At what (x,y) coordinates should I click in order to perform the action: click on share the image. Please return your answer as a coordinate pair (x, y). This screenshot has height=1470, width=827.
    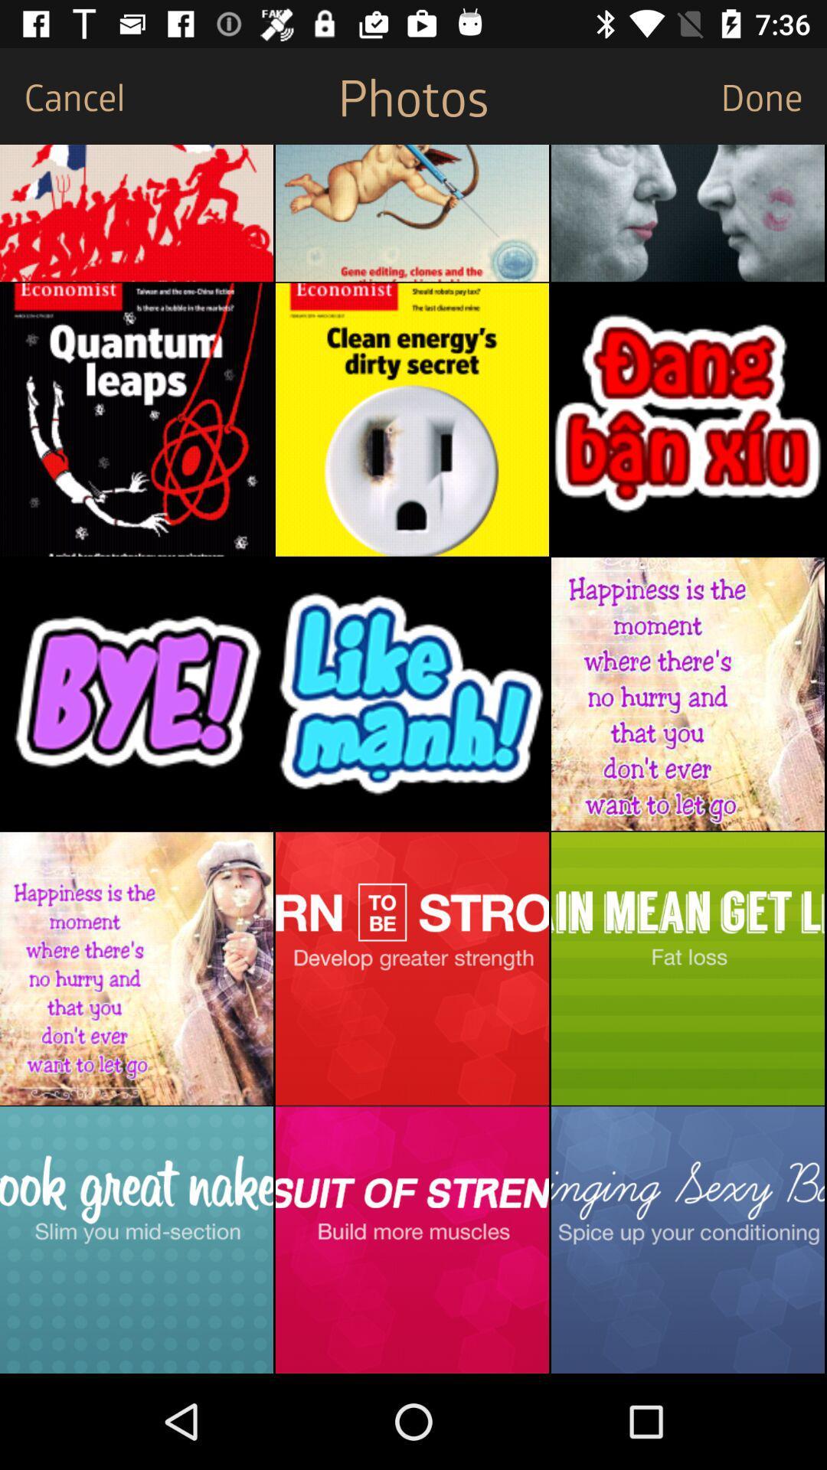
    Looking at the image, I should click on (687, 1240).